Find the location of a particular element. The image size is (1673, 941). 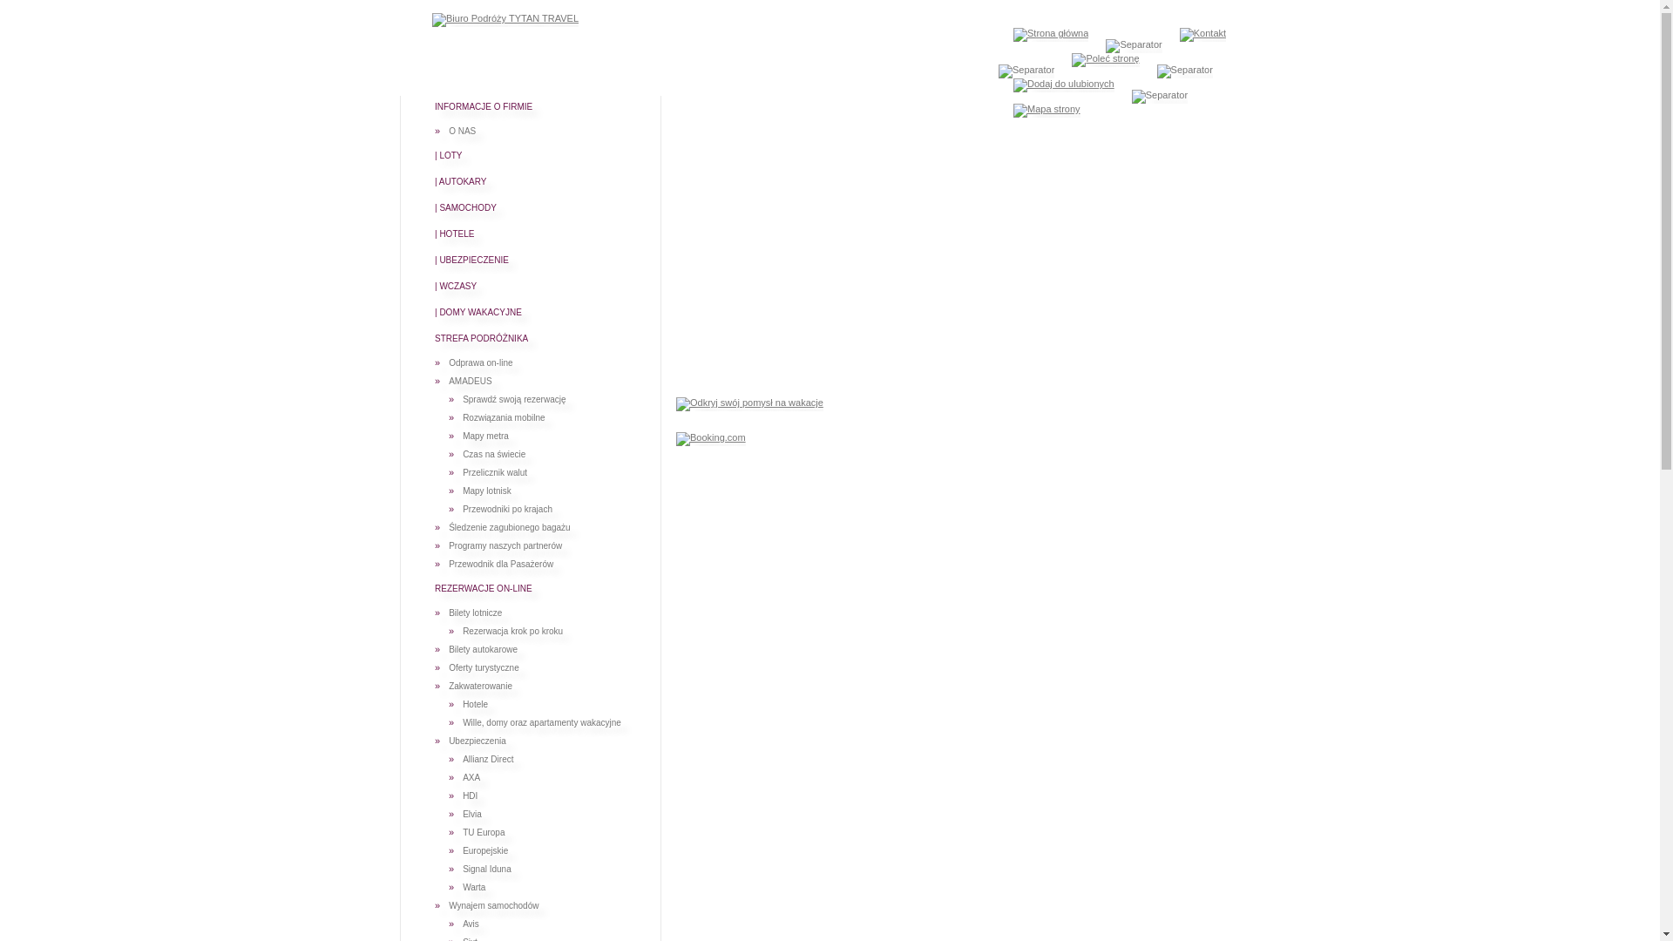

'Wille, domy oraz apartamenty wakacyjne' is located at coordinates (541, 722).